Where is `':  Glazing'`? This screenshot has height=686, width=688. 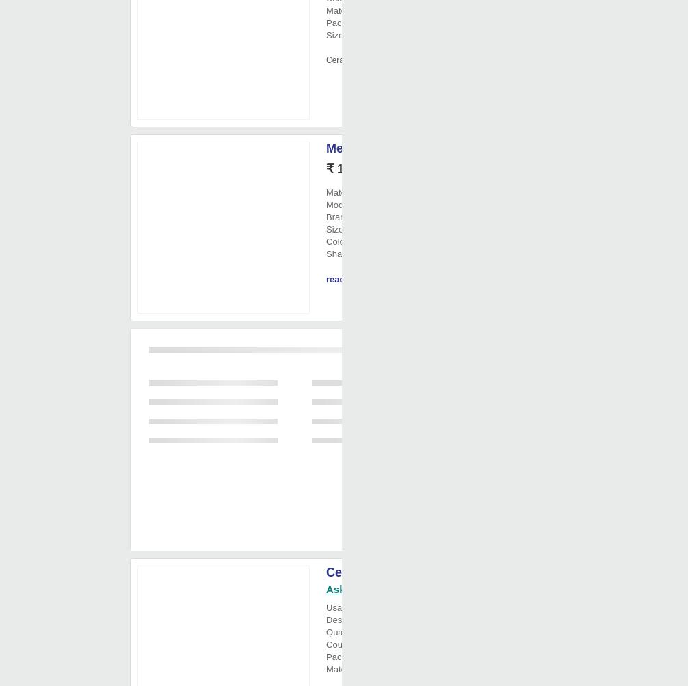
':  Glazing' is located at coordinates (403, 619).